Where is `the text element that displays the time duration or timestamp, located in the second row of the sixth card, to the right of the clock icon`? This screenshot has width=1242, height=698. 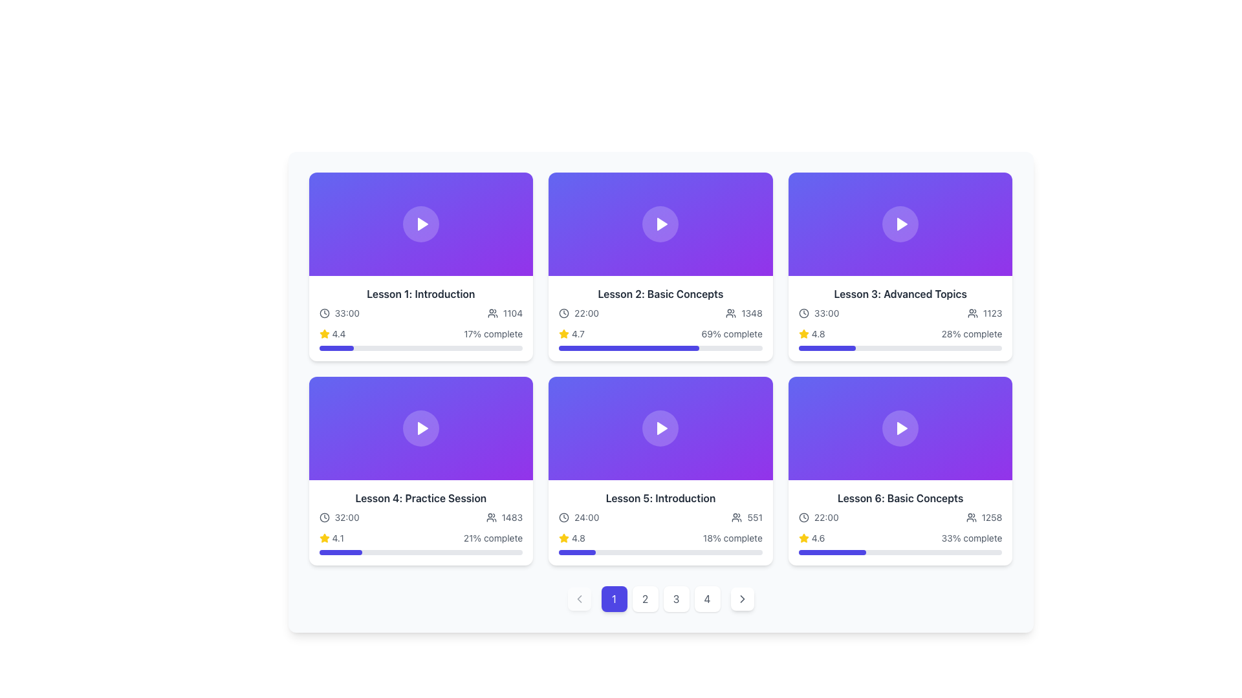
the text element that displays the time duration or timestamp, located in the second row of the sixth card, to the right of the clock icon is located at coordinates (825, 517).